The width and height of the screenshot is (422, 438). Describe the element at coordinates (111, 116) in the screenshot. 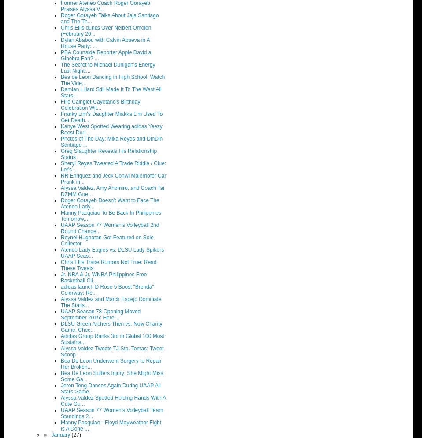

I see `'Franky Lim's Daughter Miakka Lim Used To Get Death...'` at that location.